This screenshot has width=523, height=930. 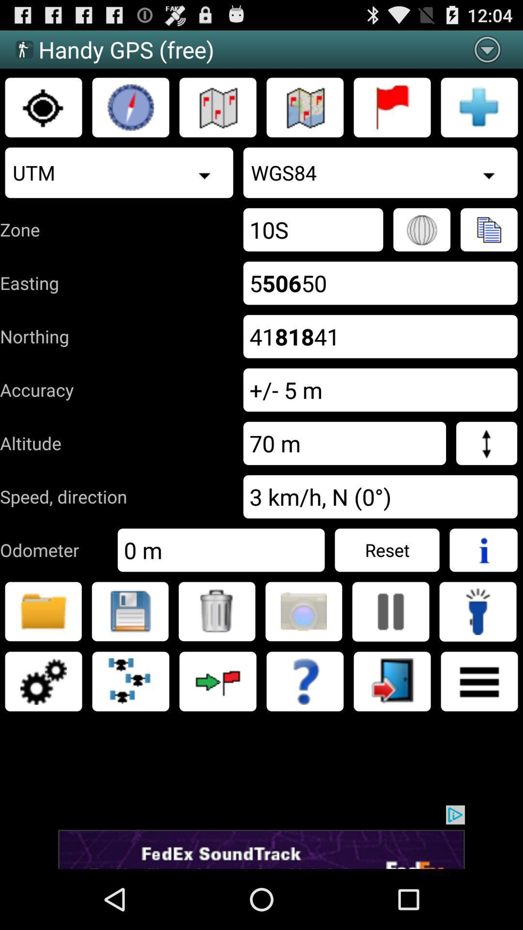 I want to click on open menu, so click(x=479, y=681).